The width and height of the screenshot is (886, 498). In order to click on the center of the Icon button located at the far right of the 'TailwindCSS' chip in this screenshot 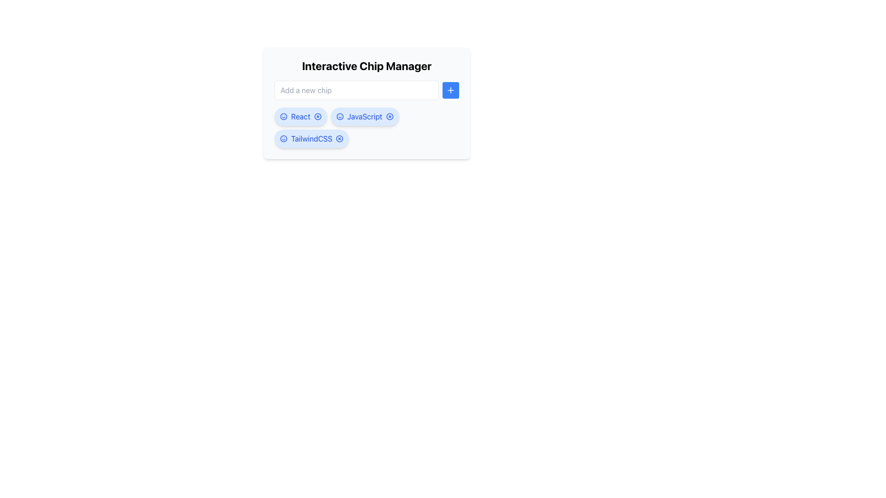, I will do `click(339, 138)`.